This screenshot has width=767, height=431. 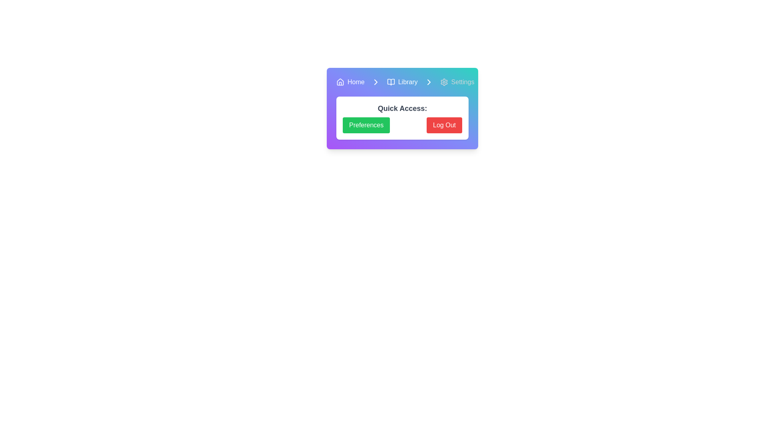 I want to click on the book icon in the navigation bar, so click(x=391, y=82).